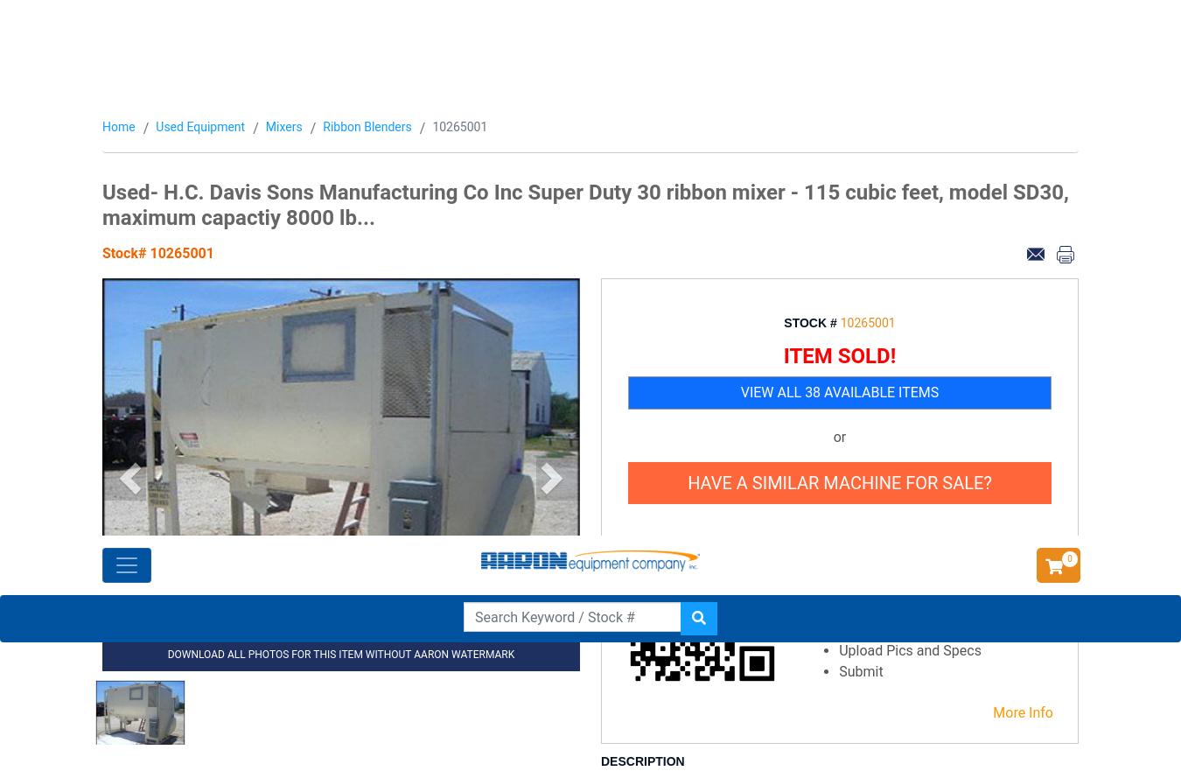 This screenshot has width=1181, height=771. Describe the element at coordinates (641, 224) in the screenshot. I see `'DESCRIPTION'` at that location.